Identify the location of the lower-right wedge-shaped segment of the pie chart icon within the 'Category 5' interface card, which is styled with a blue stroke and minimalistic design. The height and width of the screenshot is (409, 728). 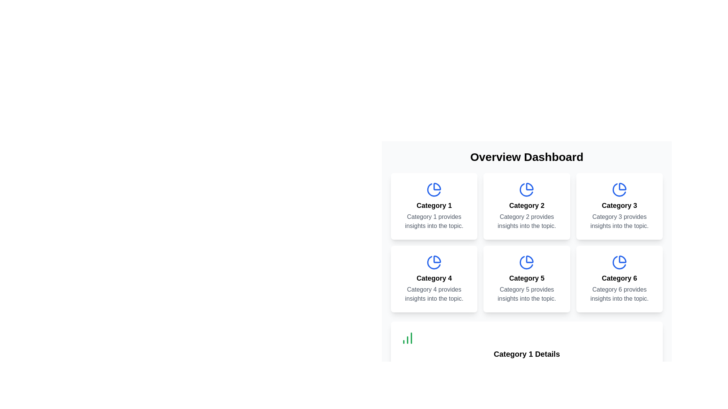
(529, 259).